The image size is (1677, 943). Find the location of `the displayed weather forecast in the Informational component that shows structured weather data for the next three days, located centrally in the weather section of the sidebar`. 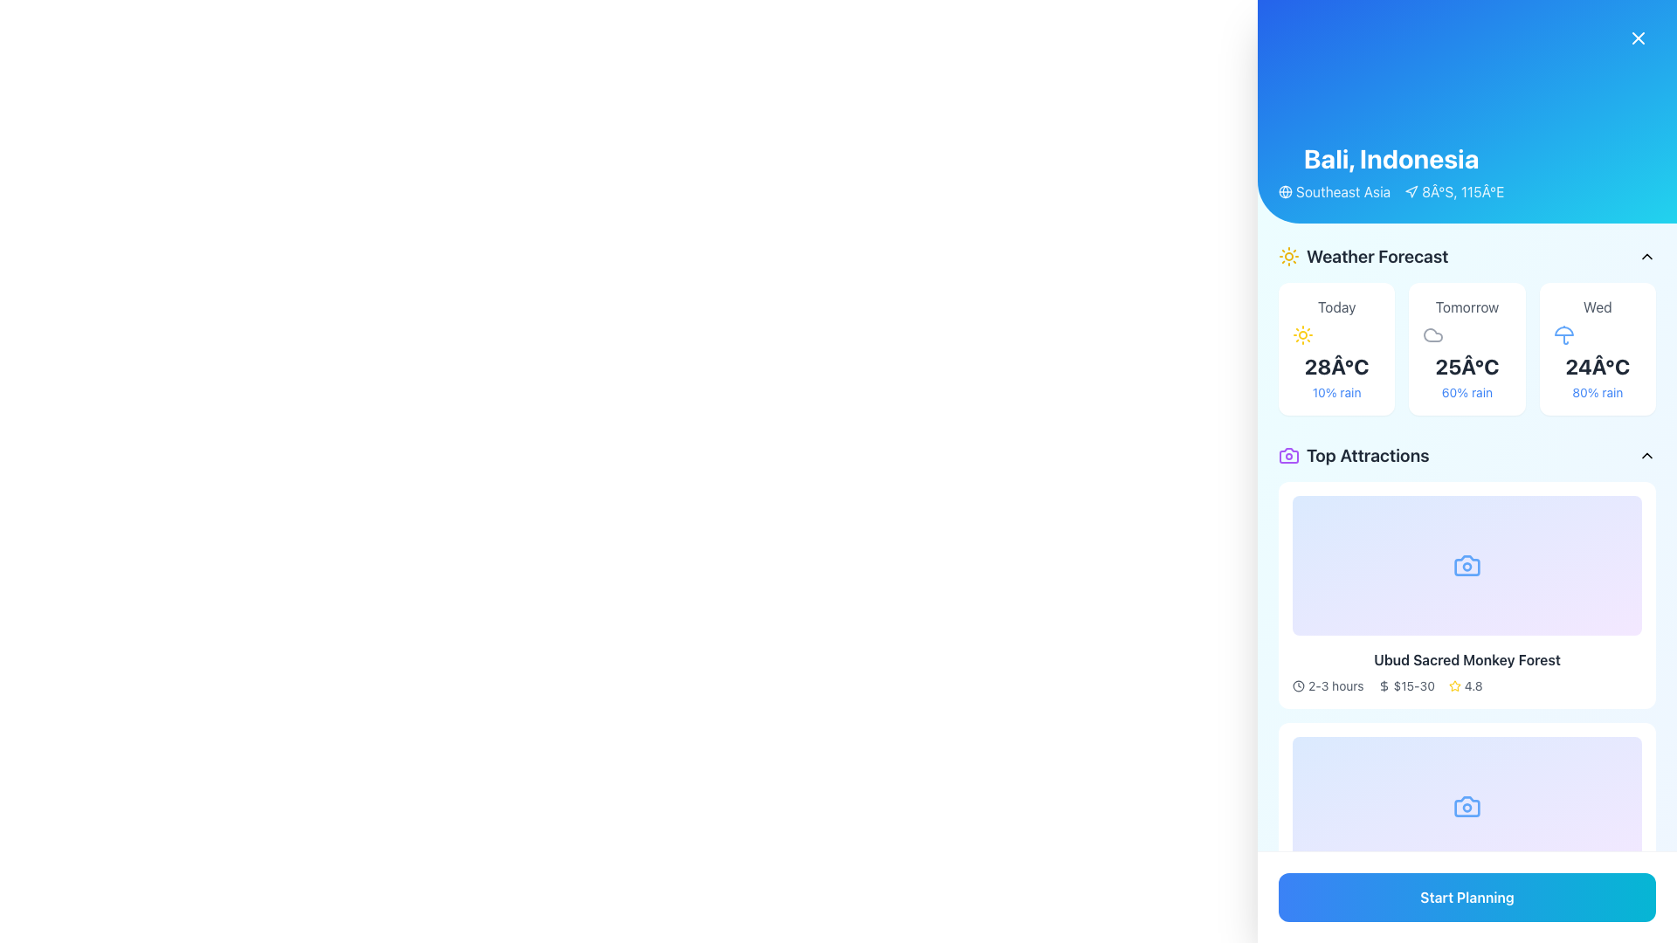

the displayed weather forecast in the Informational component that shows structured weather data for the next three days, located centrally in the weather section of the sidebar is located at coordinates (1467, 330).